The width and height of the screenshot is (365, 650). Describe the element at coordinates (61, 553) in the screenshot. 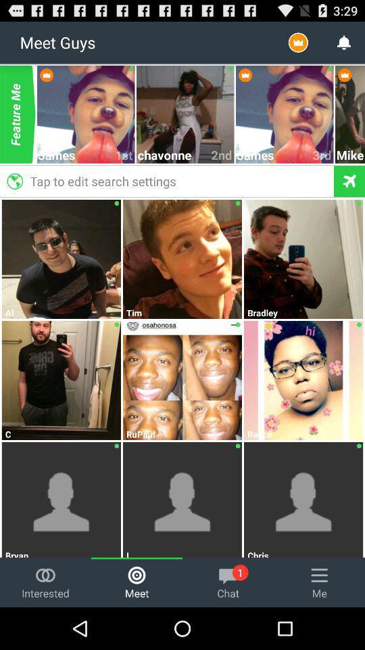

I see `bryan icon` at that location.